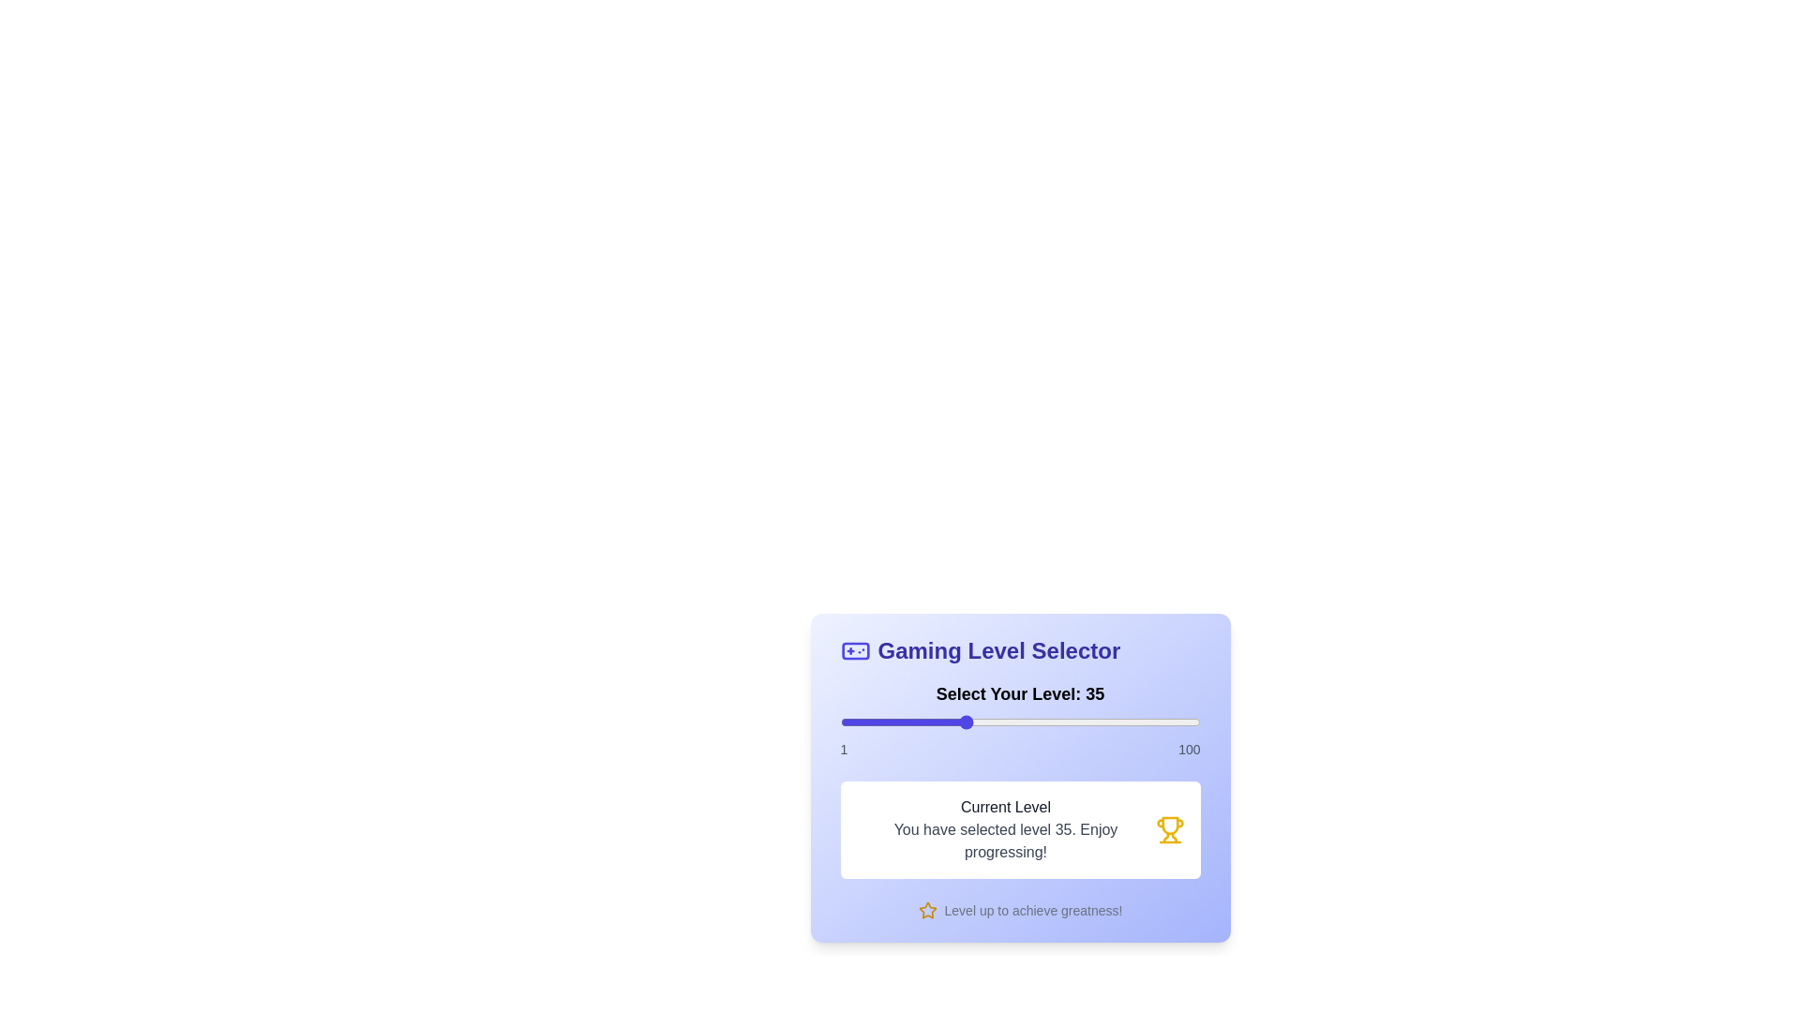  Describe the element at coordinates (1169, 829) in the screenshot. I see `the yellow trophy icon located in the bottom-right corner of the white rectangular section` at that location.